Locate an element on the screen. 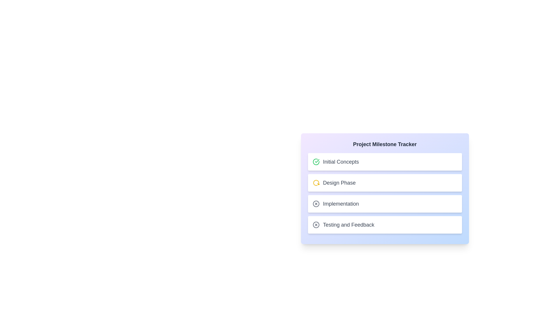  the circular icon with a green checkmark on a white background, located next to the text 'Initial Concepts' is located at coordinates (316, 162).